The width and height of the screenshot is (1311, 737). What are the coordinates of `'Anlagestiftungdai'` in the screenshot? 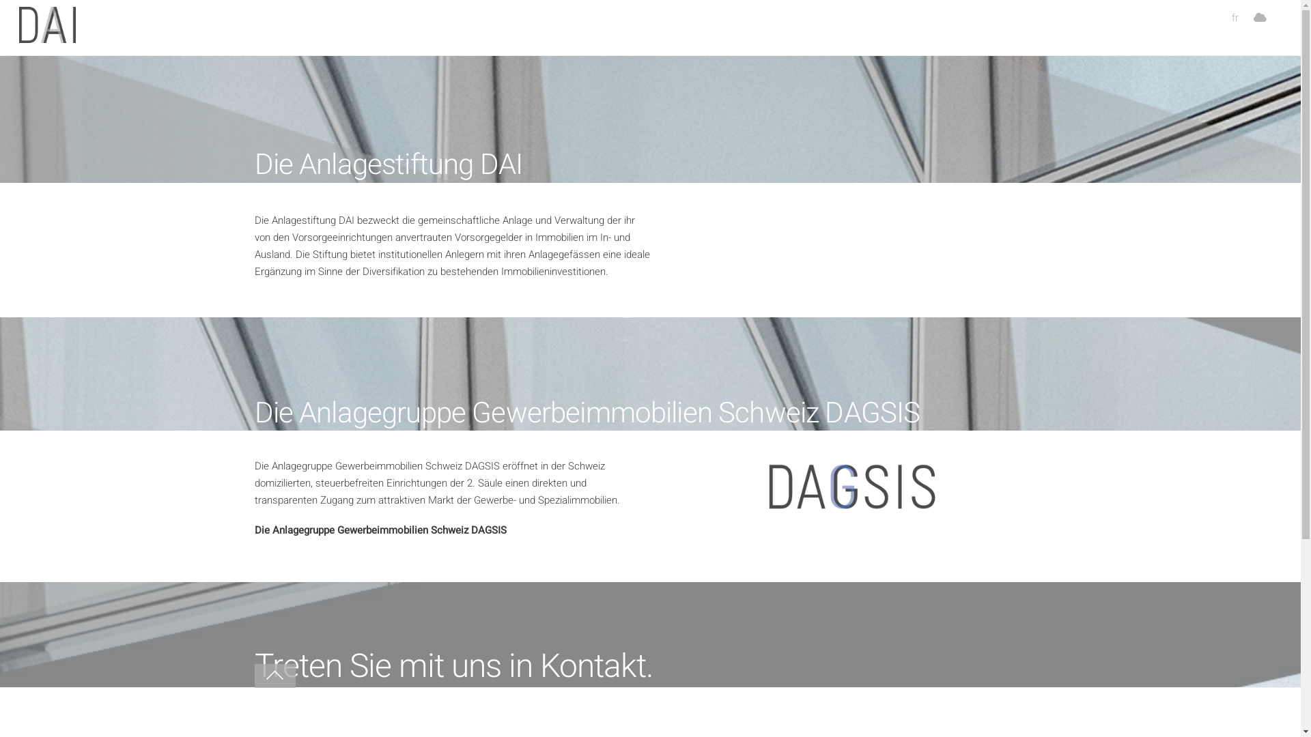 It's located at (47, 36).